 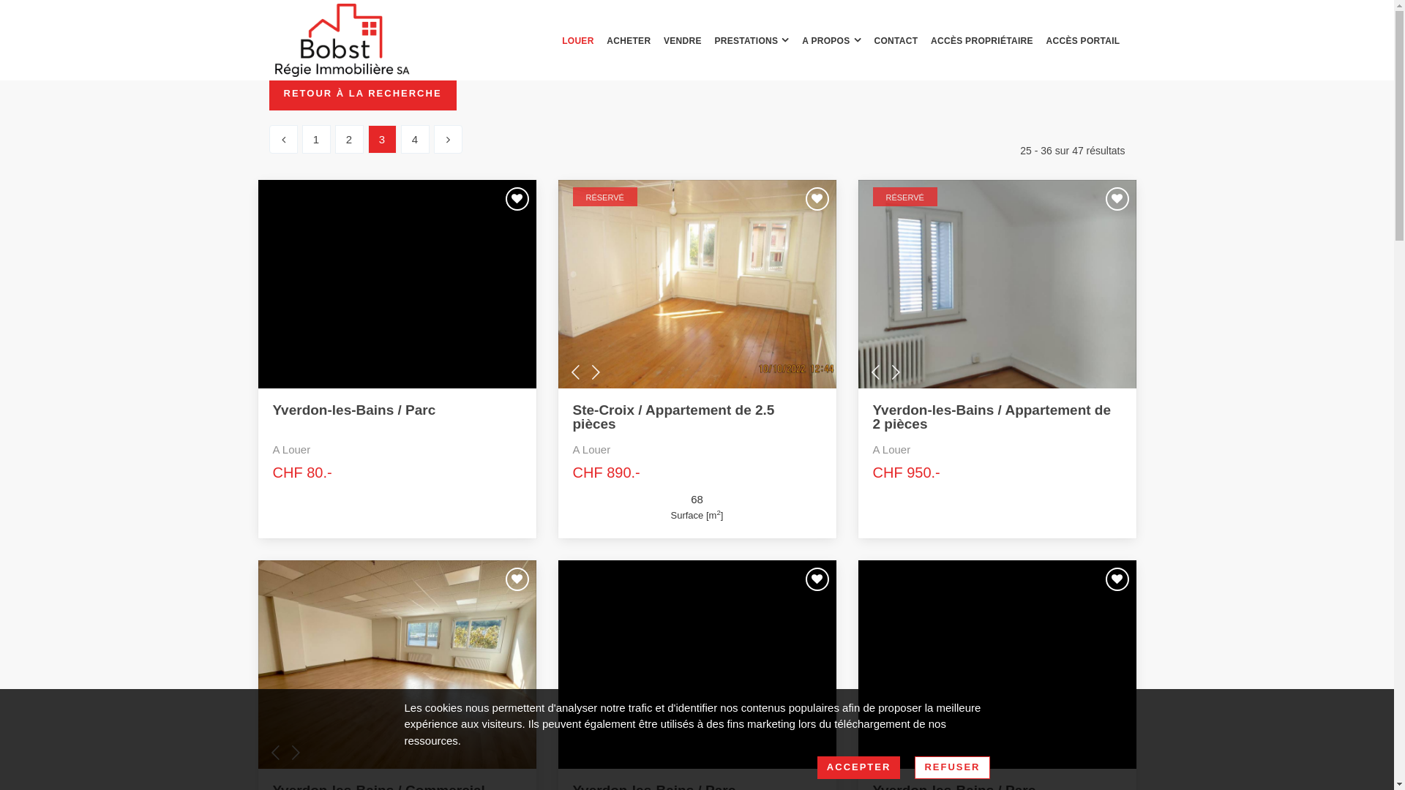 I want to click on 'LOUER', so click(x=577, y=40).